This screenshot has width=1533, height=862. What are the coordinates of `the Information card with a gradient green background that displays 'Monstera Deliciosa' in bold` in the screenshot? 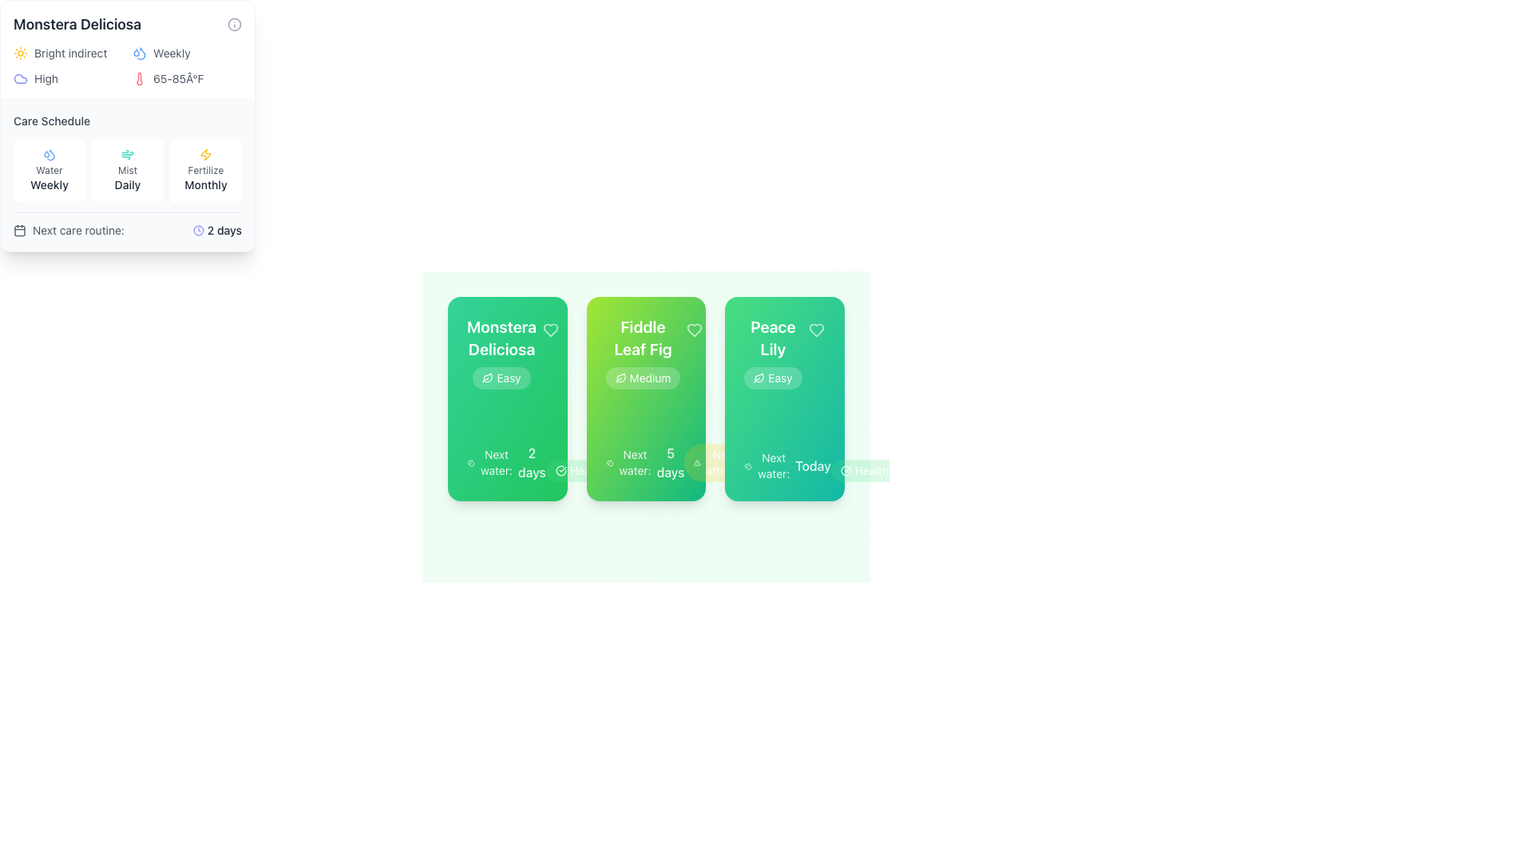 It's located at (506, 398).